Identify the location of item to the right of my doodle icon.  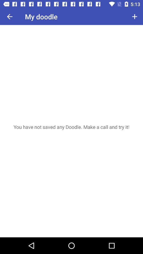
(135, 16).